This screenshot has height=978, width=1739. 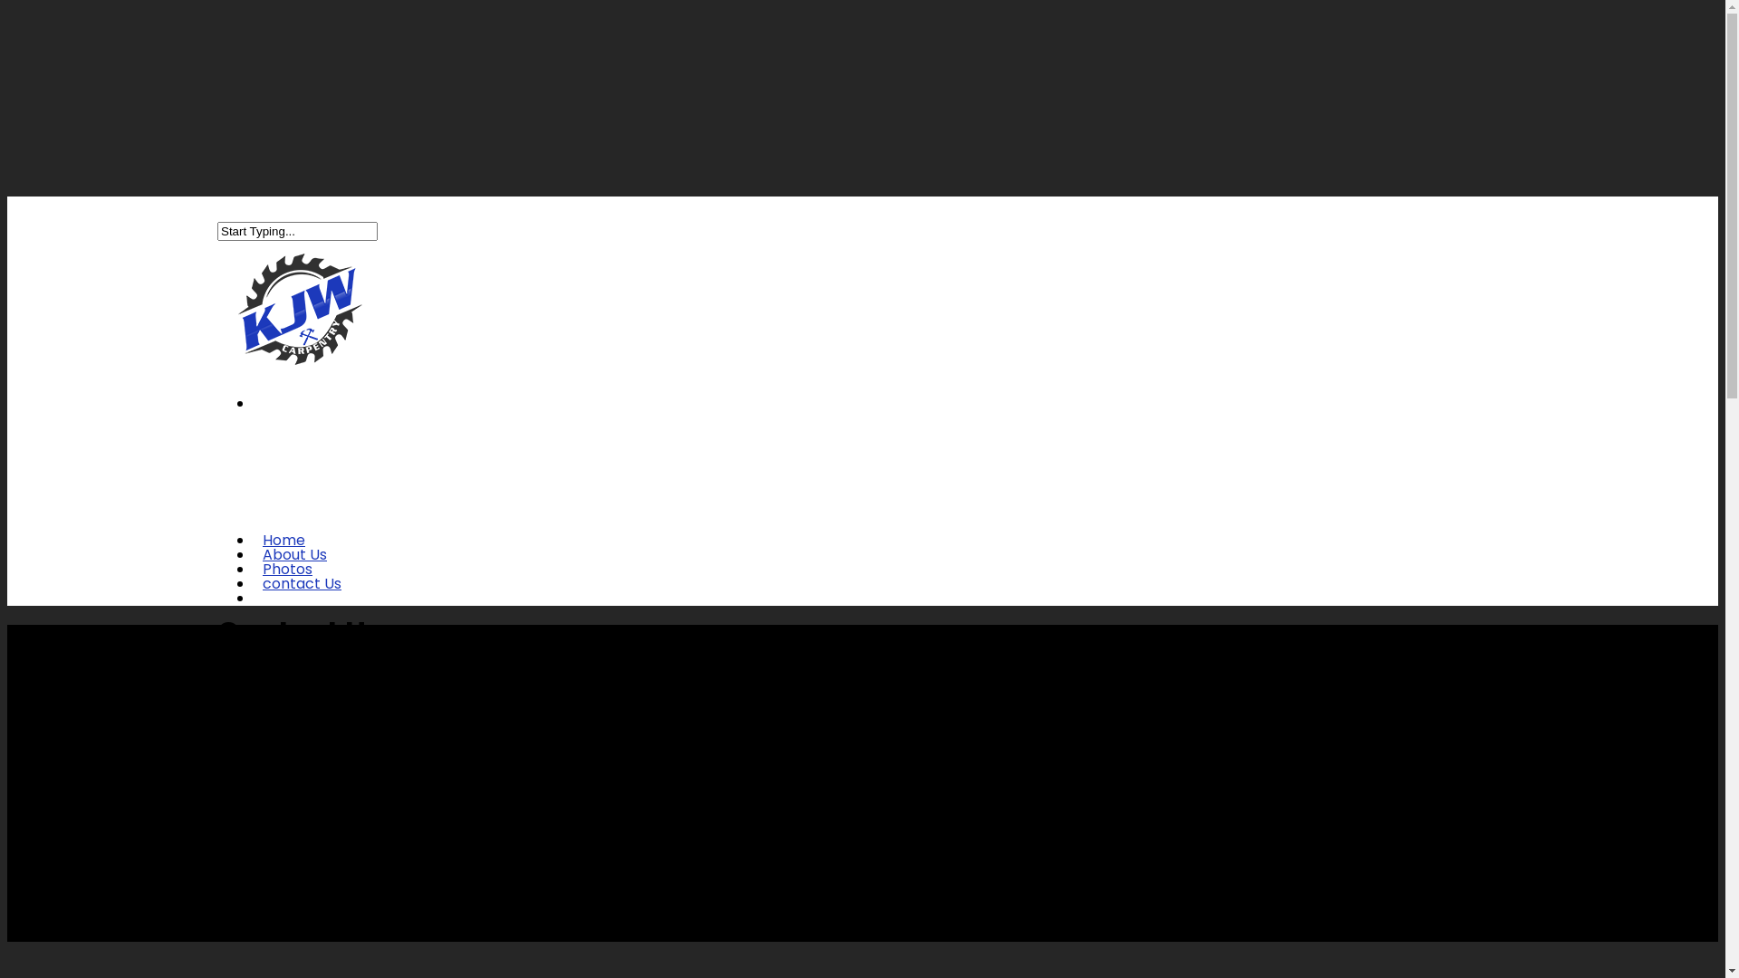 I want to click on 'Home', so click(x=283, y=551).